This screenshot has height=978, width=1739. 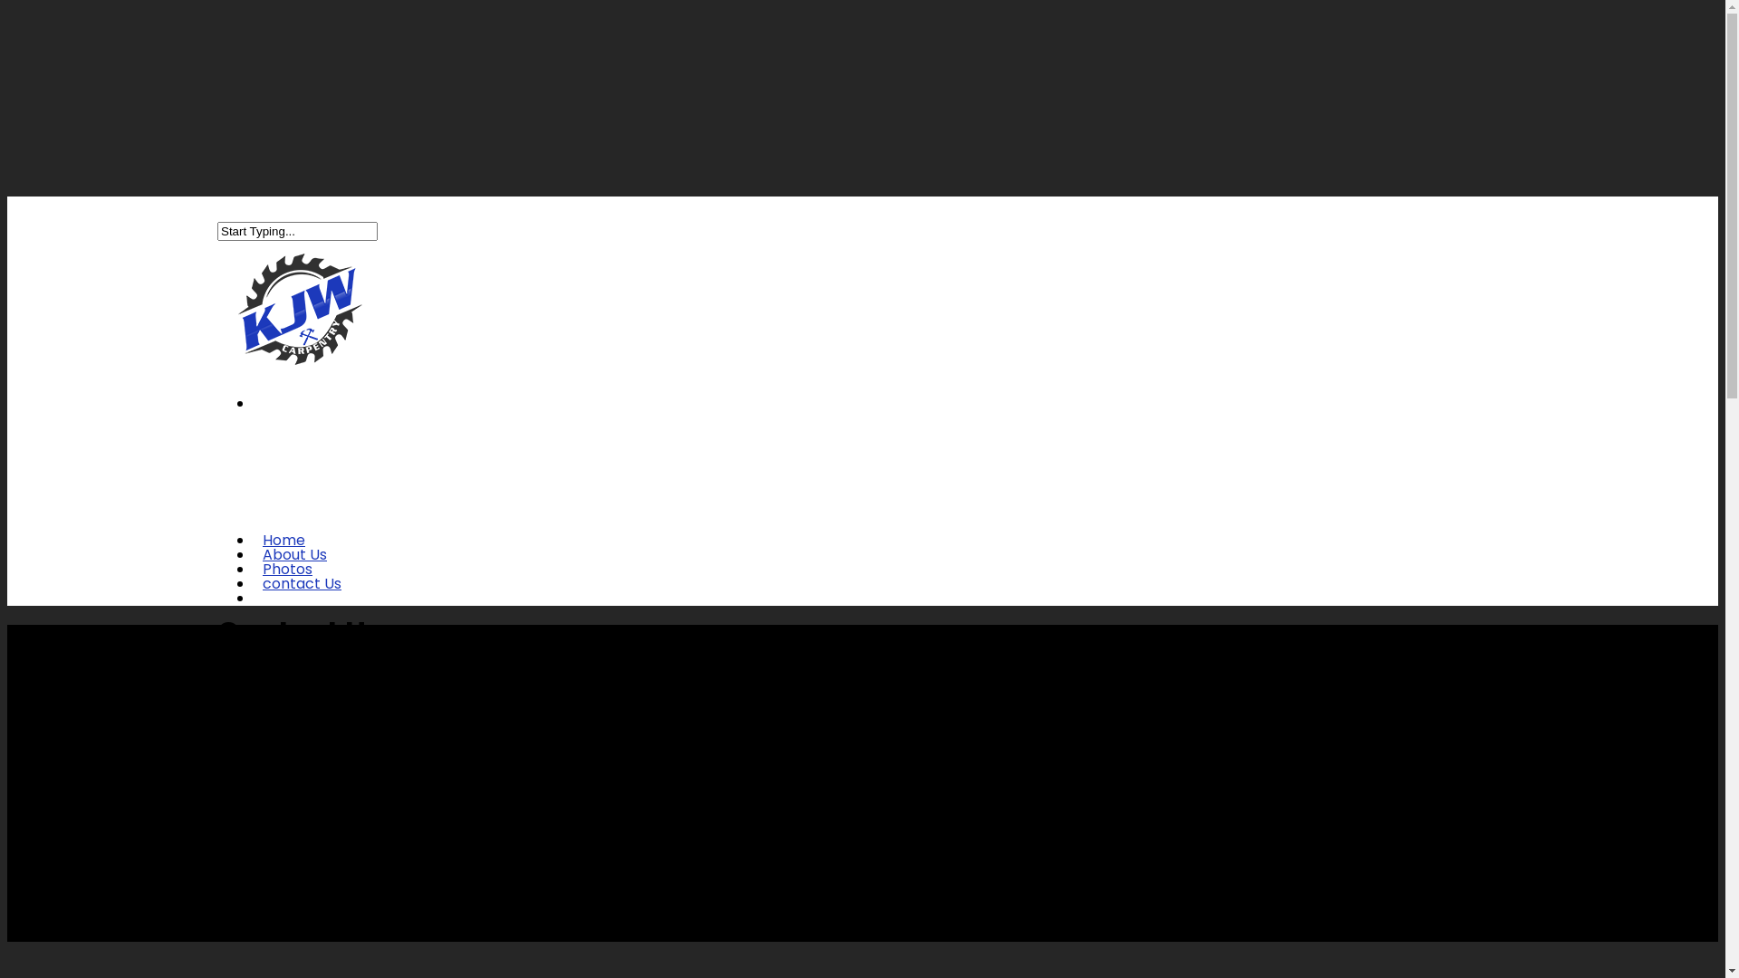 I want to click on 'Home', so click(x=283, y=551).